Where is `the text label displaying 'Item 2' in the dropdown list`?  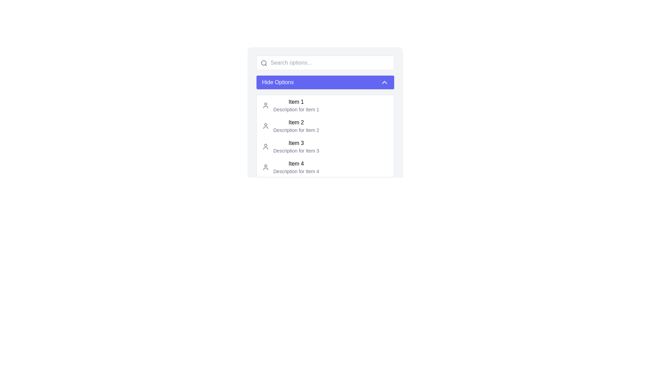
the text label displaying 'Item 2' in the dropdown list is located at coordinates (296, 122).